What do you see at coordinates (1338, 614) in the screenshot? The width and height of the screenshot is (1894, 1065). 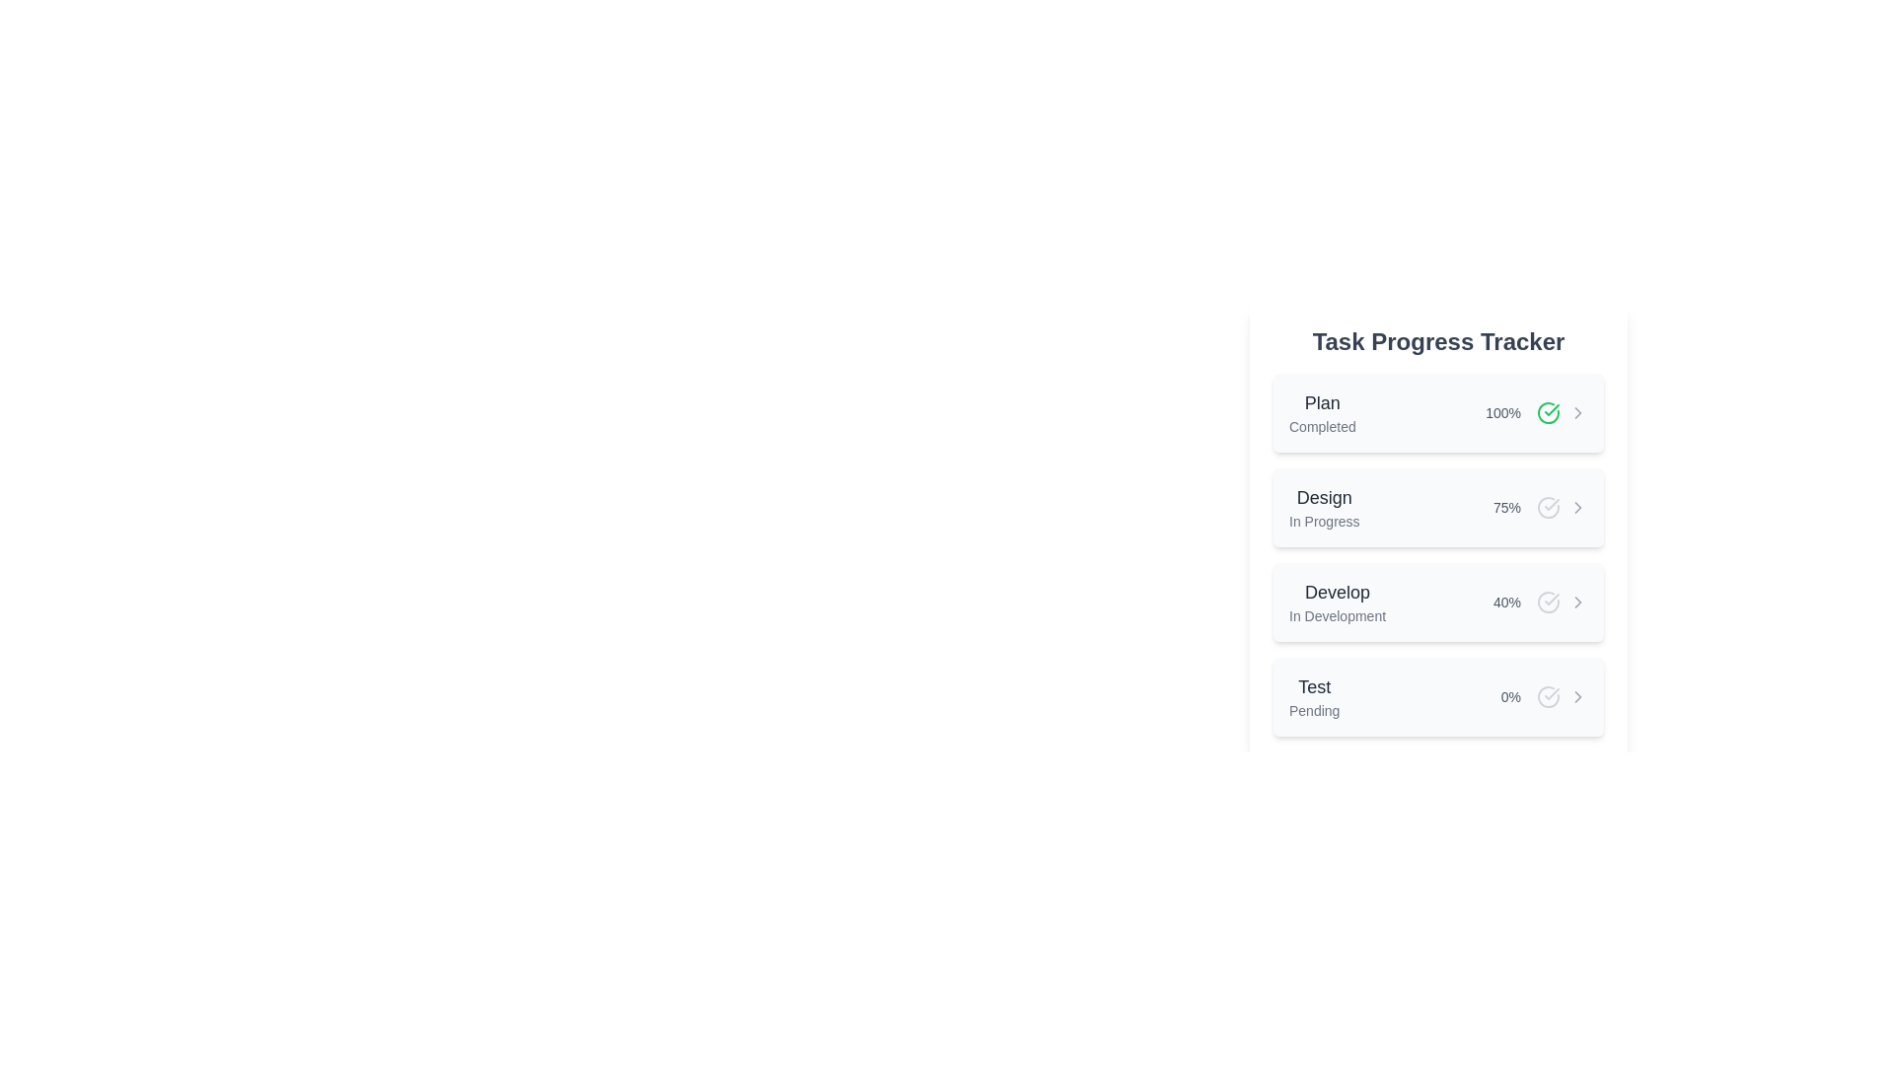 I see `text label that indicates the status of the 'Develop' task, located beneath the 'Develop' title in the 'Task Progress Tracker'` at bounding box center [1338, 614].